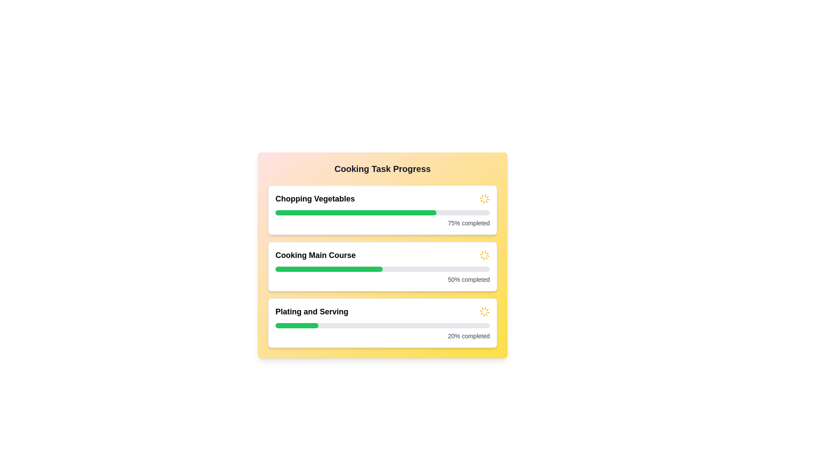 Image resolution: width=833 pixels, height=469 pixels. Describe the element at coordinates (356, 212) in the screenshot. I see `the green progress bar indicating '75% completed' in the 'Chopping Vegetables' section` at that location.